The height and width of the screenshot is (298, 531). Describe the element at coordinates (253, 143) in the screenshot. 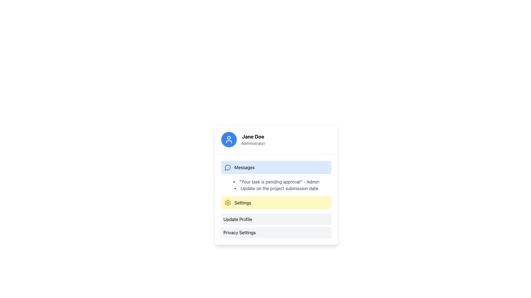

I see `the text label indicating the user's role or designation, which is located beneath 'Jane Doe' in the user profile section` at that location.